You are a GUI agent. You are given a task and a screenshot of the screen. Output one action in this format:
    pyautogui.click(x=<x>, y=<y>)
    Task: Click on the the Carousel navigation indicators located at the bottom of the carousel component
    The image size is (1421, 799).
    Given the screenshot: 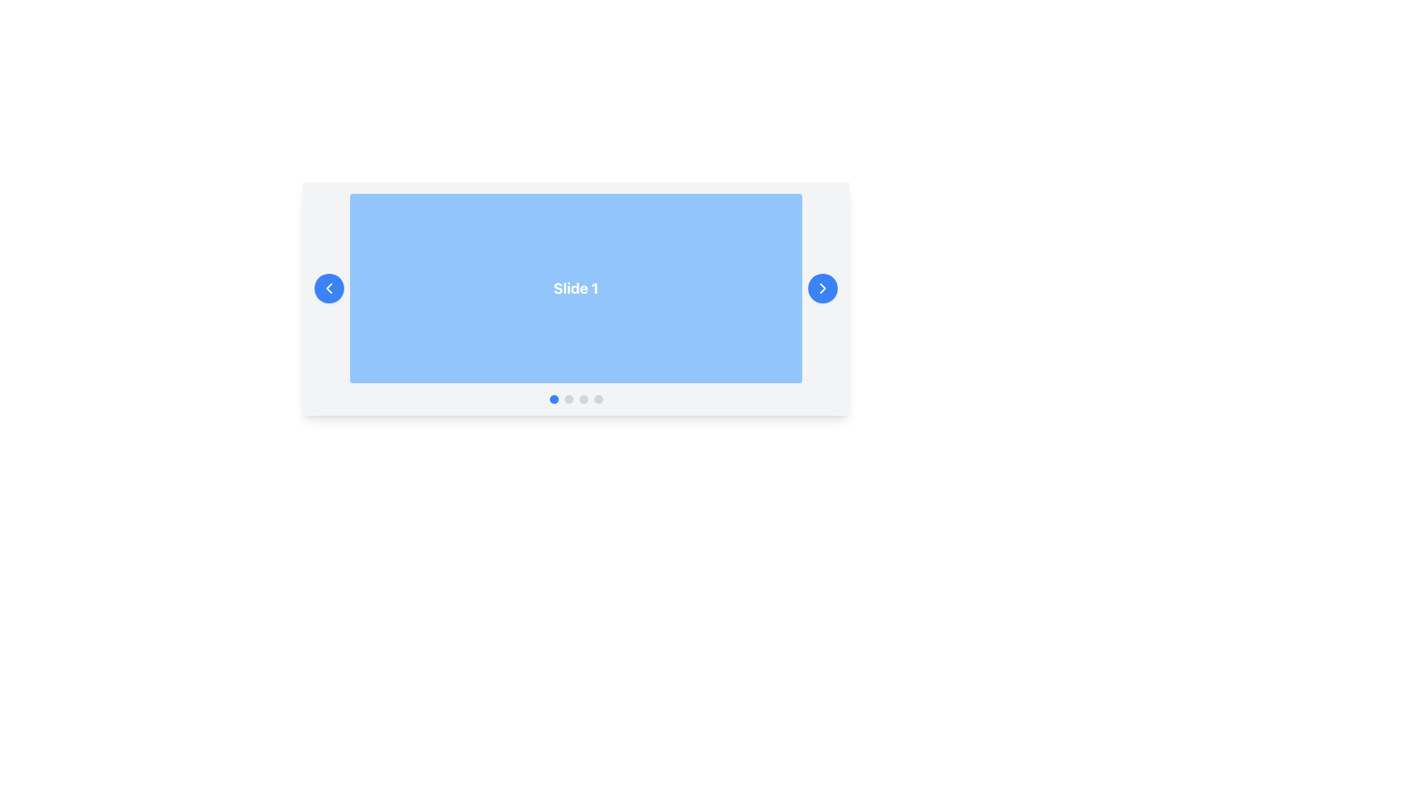 What is the action you would take?
    pyautogui.click(x=575, y=399)
    